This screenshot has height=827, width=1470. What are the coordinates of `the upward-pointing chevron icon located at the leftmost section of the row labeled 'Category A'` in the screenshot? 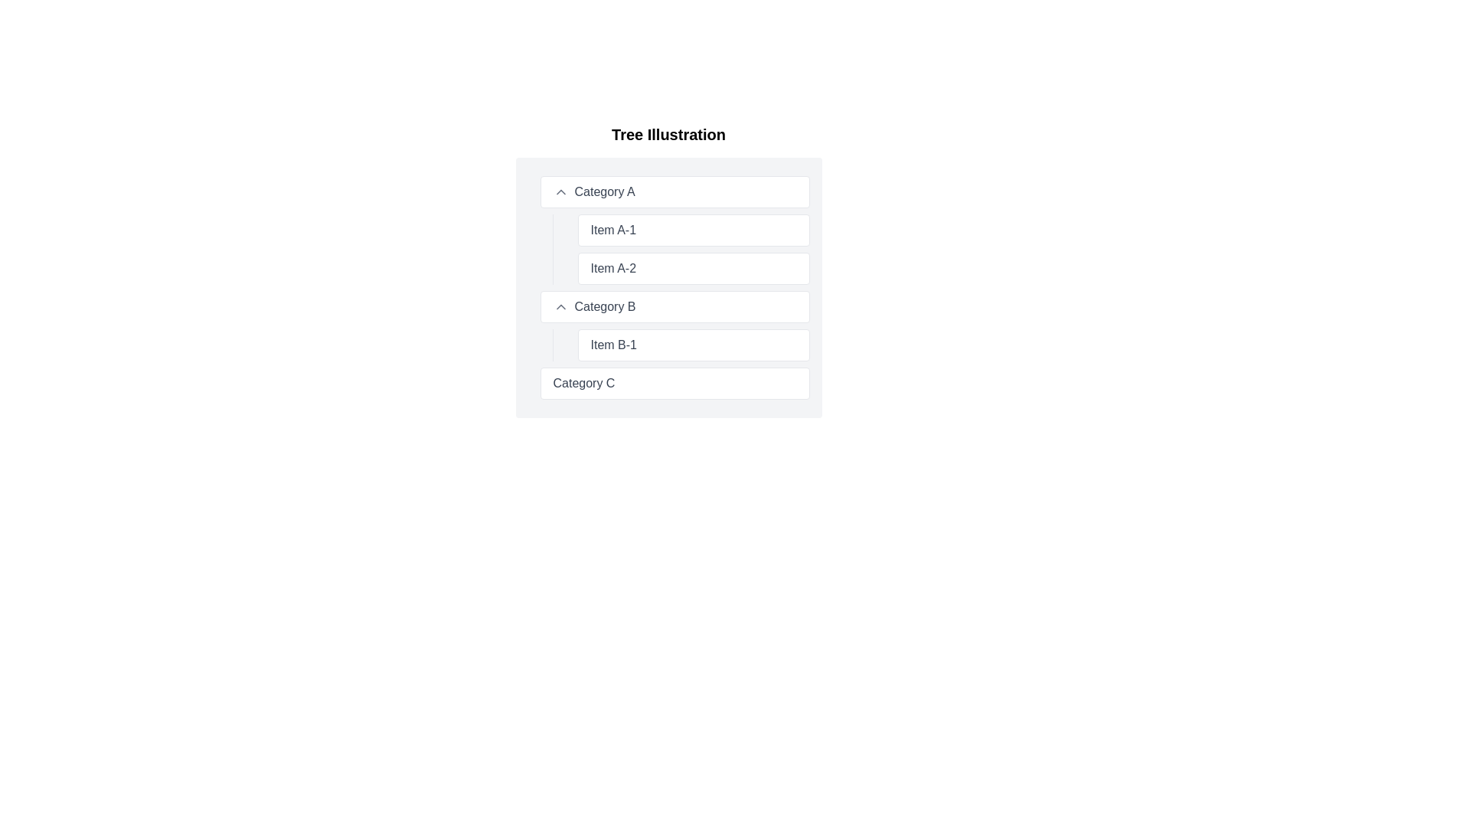 It's located at (560, 191).